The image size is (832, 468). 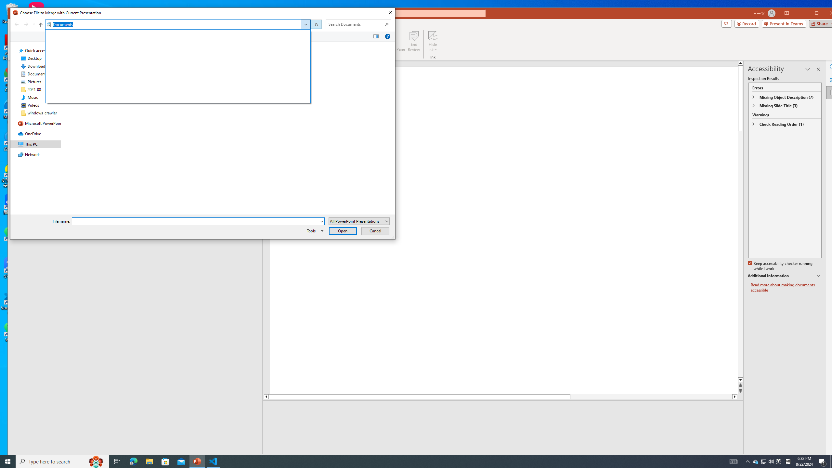 What do you see at coordinates (315, 24) in the screenshot?
I see `'Refresh "Documents" (F5)'` at bounding box center [315, 24].